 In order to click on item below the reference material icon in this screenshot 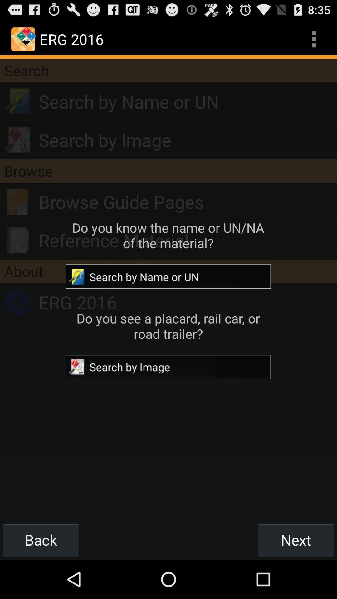, I will do `click(168, 271)`.